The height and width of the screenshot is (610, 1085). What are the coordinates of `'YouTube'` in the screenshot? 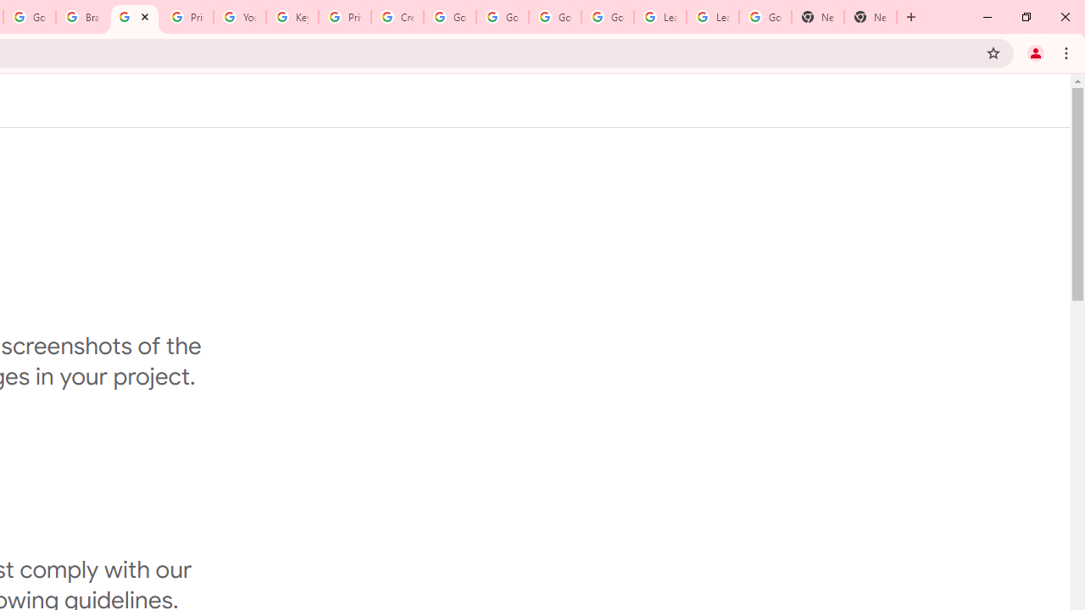 It's located at (238, 17).